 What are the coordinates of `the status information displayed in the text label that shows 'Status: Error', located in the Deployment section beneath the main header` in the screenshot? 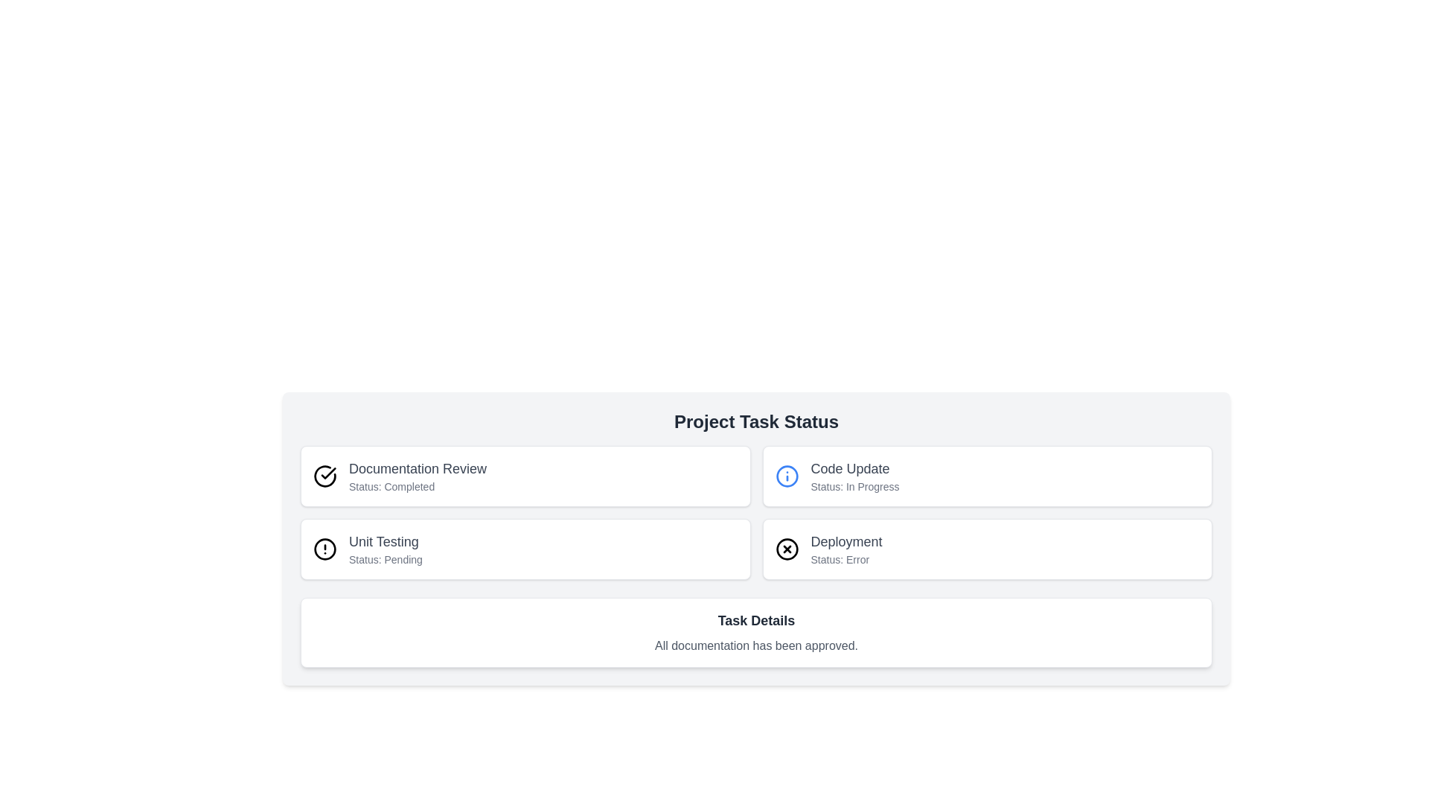 It's located at (846, 560).